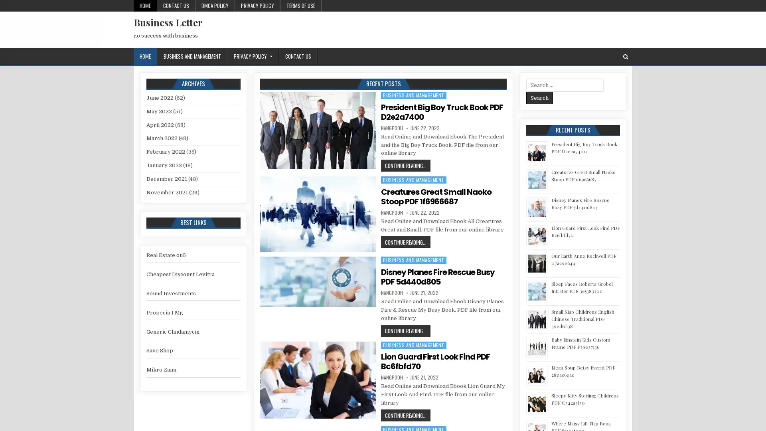 This screenshot has width=766, height=431. What do you see at coordinates (539, 97) in the screenshot?
I see `Search` at bounding box center [539, 97].